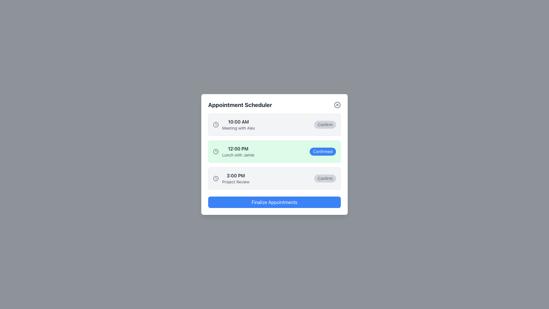 Image resolution: width=549 pixels, height=309 pixels. I want to click on the confirmation button located at the rightmost end of the first entry in the appointment list to confirm the appointment for '10:00 AM Meeting with Alex', so click(325, 124).